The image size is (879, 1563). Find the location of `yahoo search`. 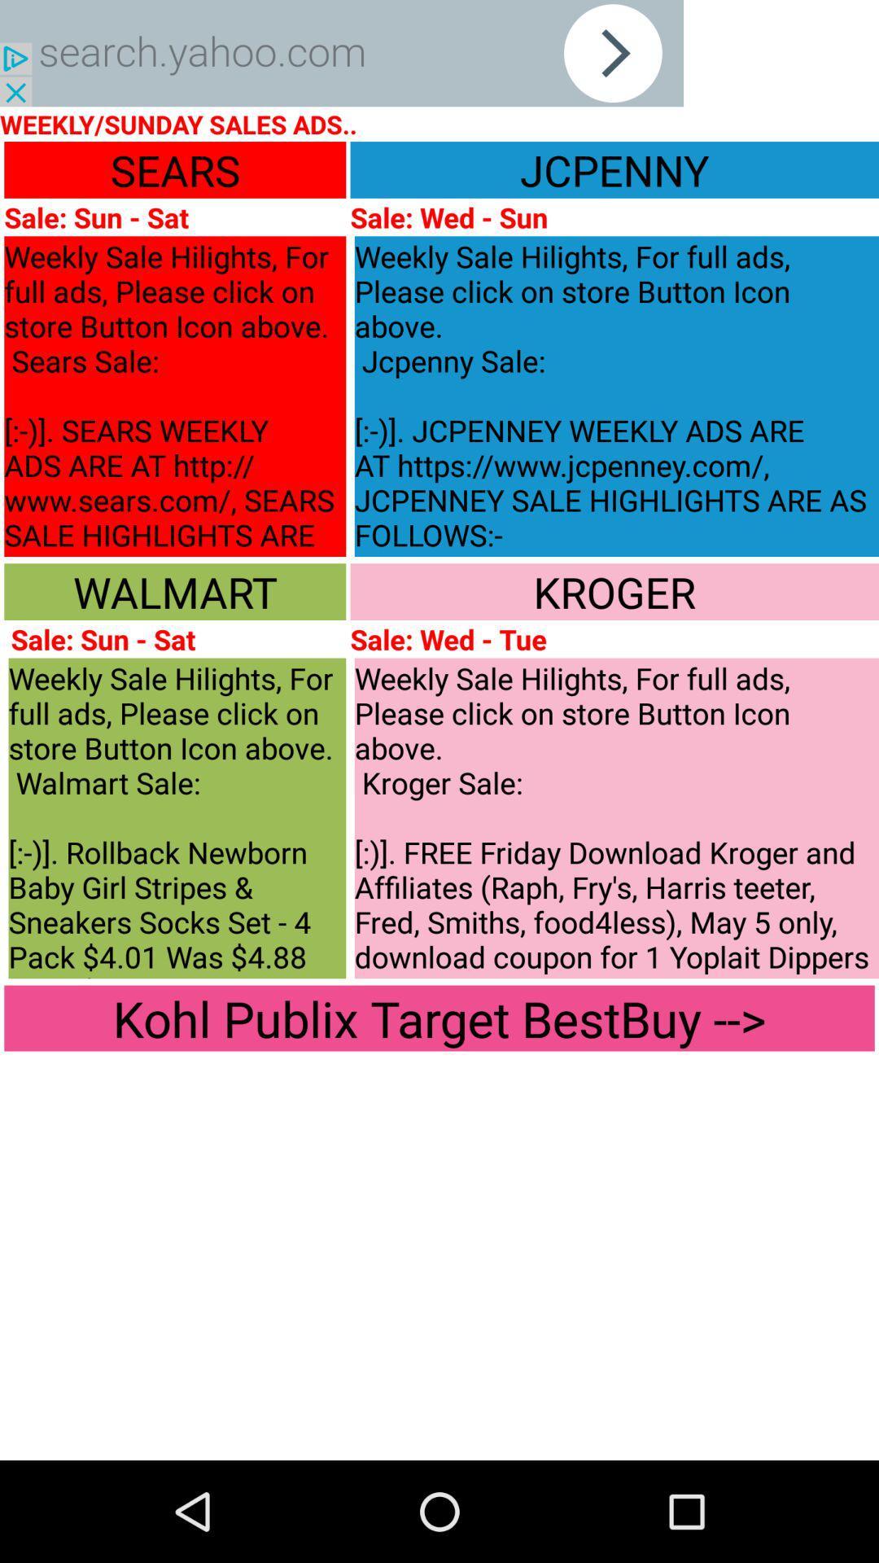

yahoo search is located at coordinates (341, 53).